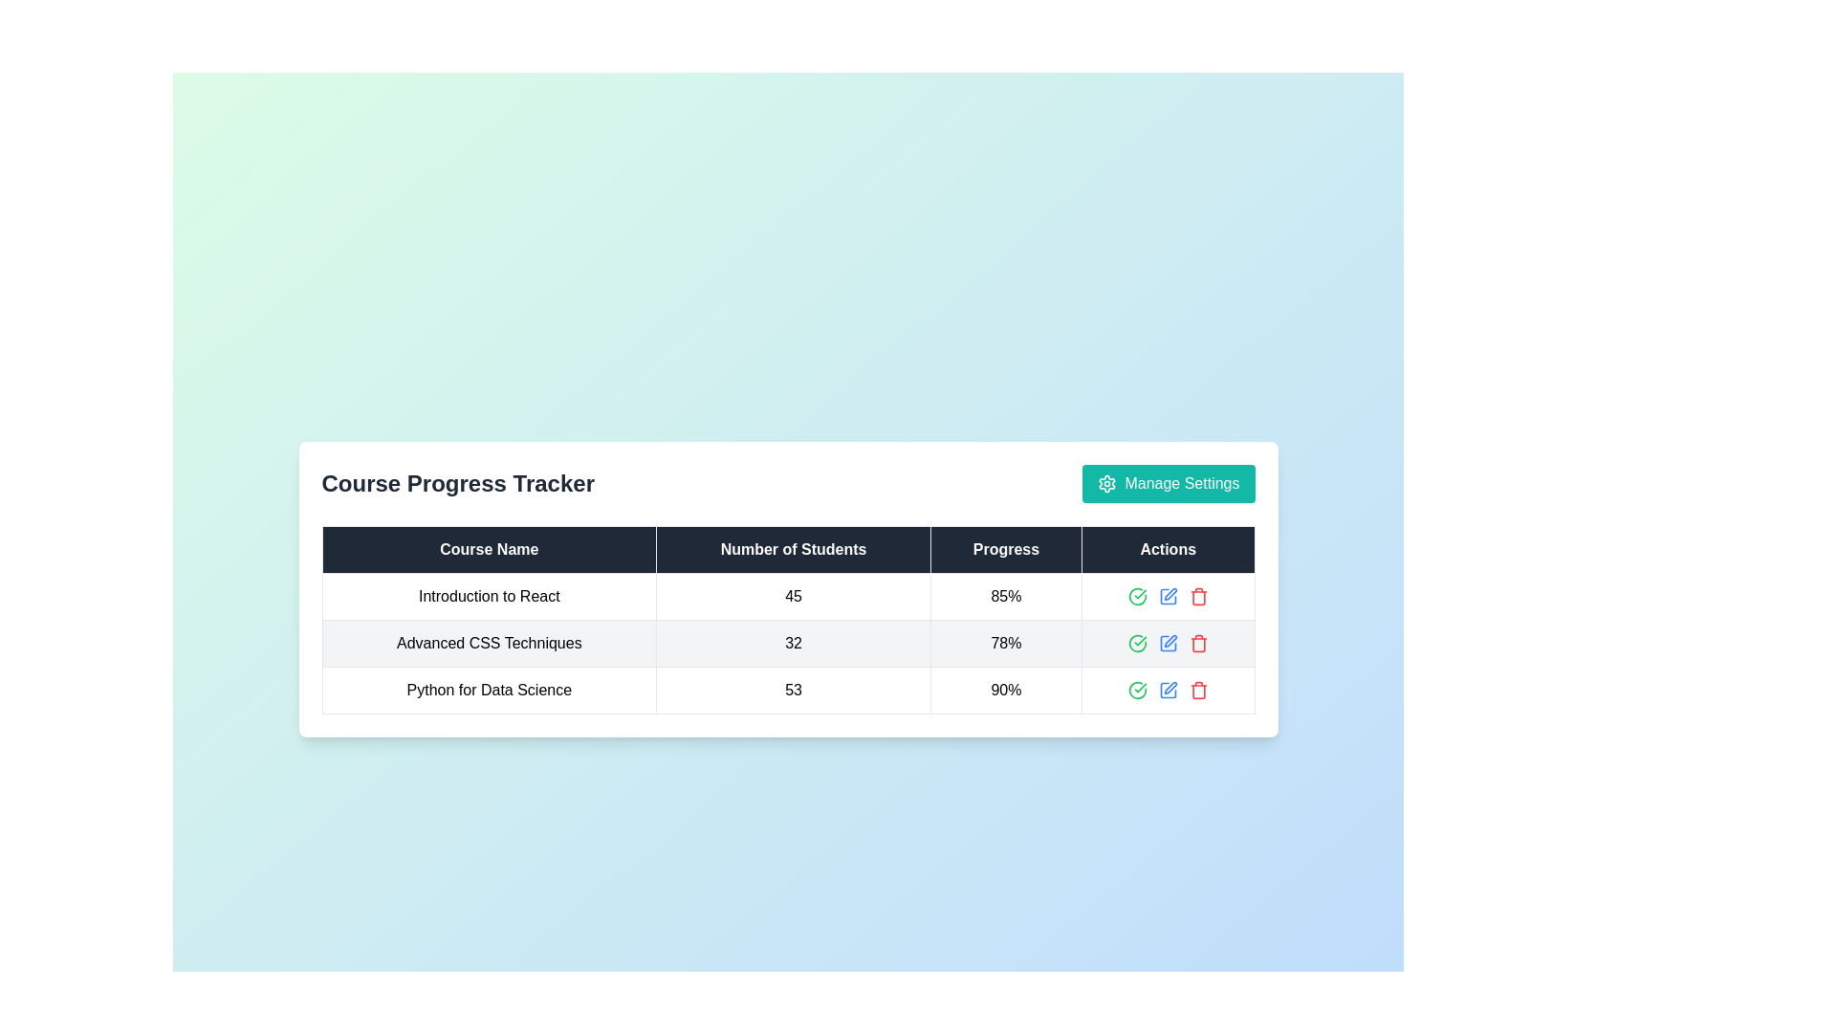 This screenshot has width=1836, height=1033. I want to click on the green checkmark icon button in the 'Actions' column of the 'Introduction to React' row, so click(1137, 595).